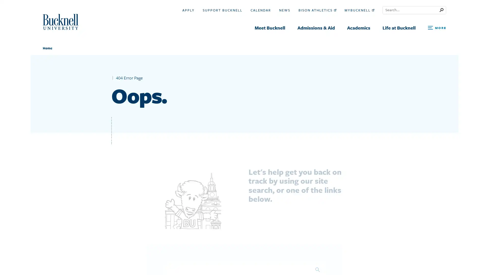  I want to click on Search, so click(317, 268).